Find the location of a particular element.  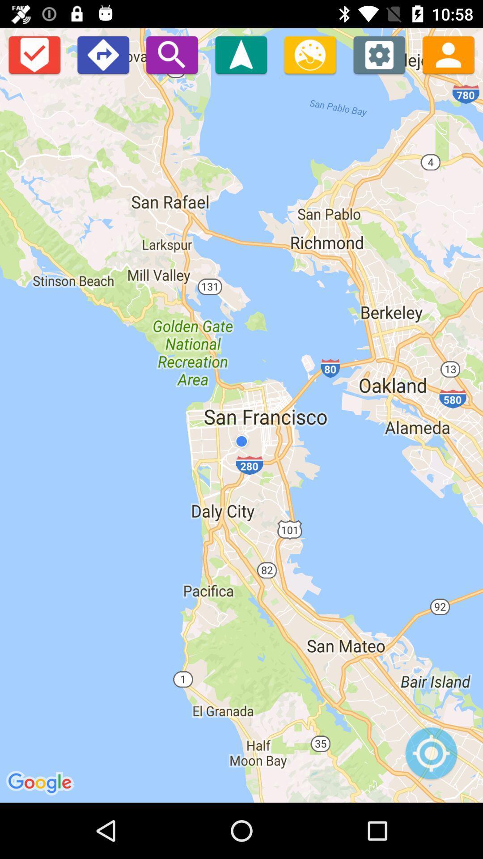

the location_crosshair icon is located at coordinates (431, 757).